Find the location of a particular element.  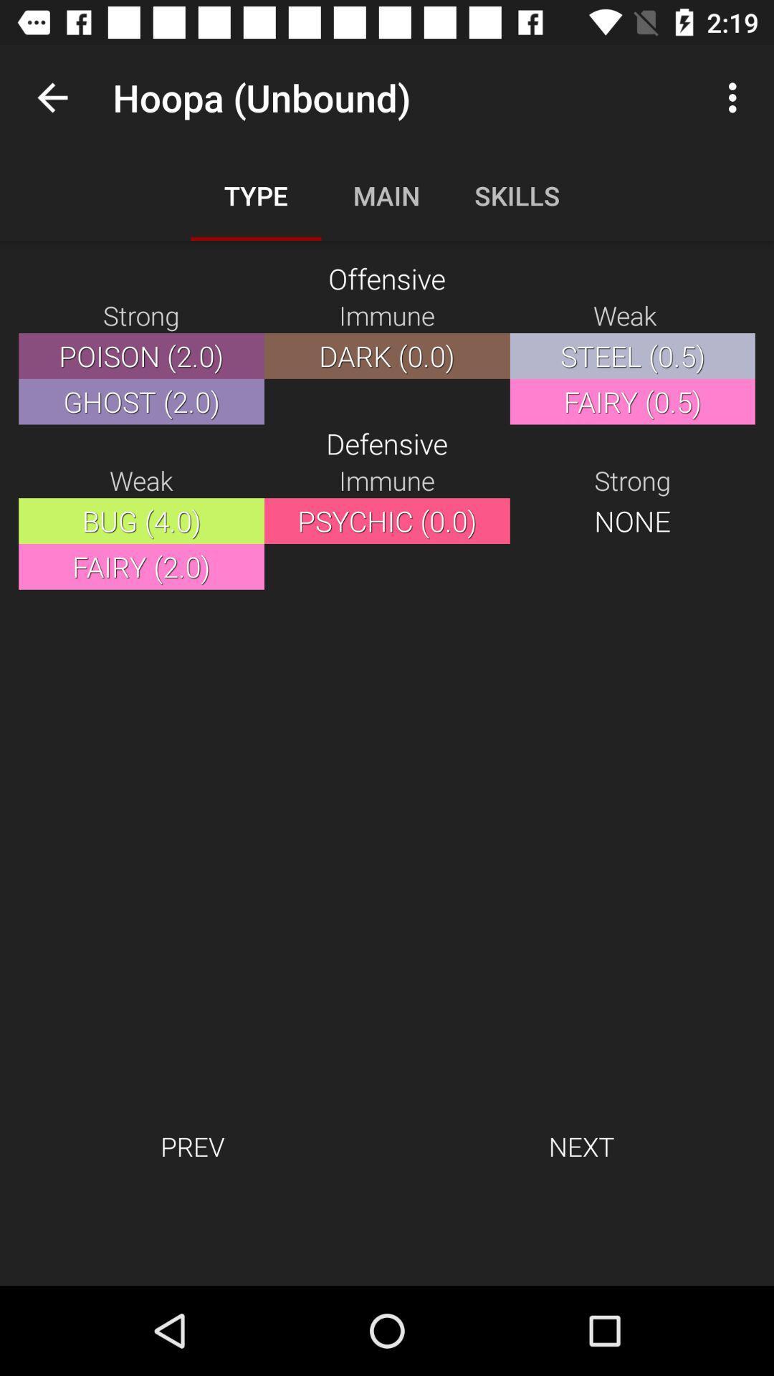

prev item is located at coordinates (191, 1145).